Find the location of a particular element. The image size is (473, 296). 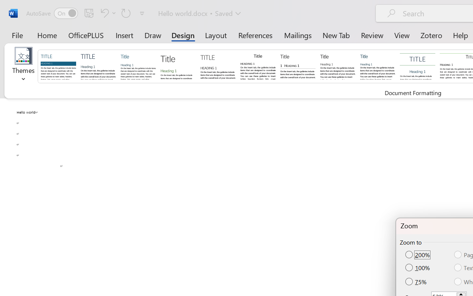

'Review' is located at coordinates (372, 35).